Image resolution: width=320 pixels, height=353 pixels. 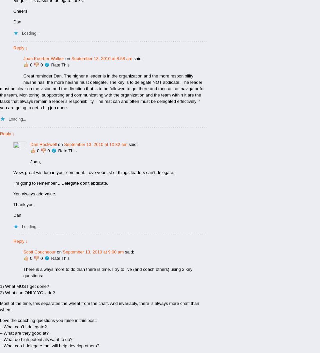 What do you see at coordinates (43, 58) in the screenshot?
I see `'Joan Koerber-Walker'` at bounding box center [43, 58].